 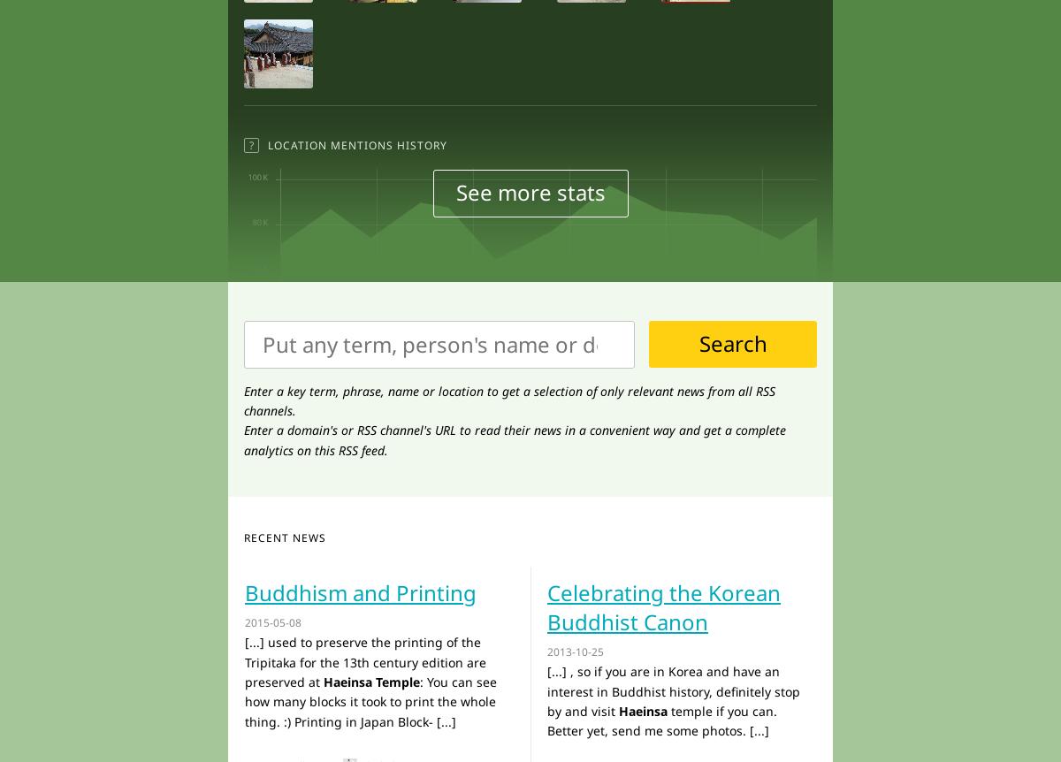 What do you see at coordinates (248, 144) in the screenshot?
I see `'?'` at bounding box center [248, 144].